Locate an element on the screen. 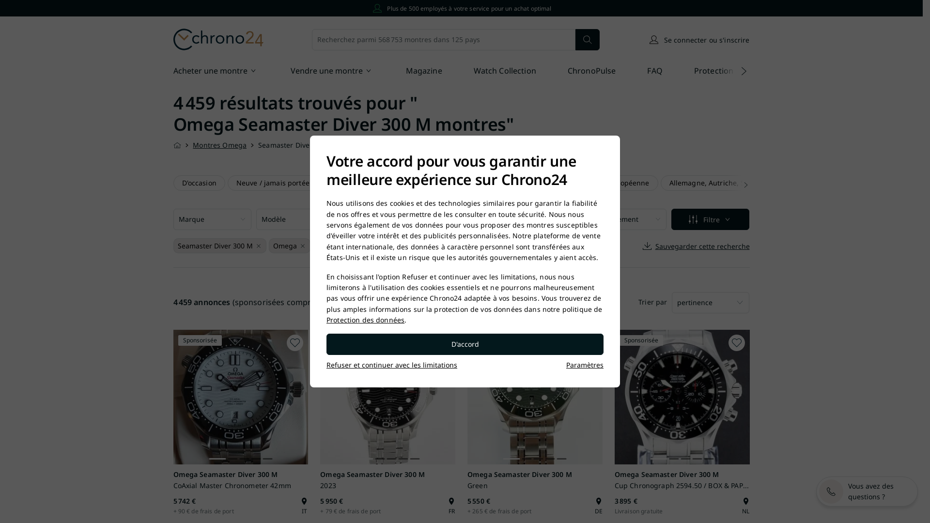 This screenshot has height=523, width=930. 'Acheter une montre' is located at coordinates (216, 71).